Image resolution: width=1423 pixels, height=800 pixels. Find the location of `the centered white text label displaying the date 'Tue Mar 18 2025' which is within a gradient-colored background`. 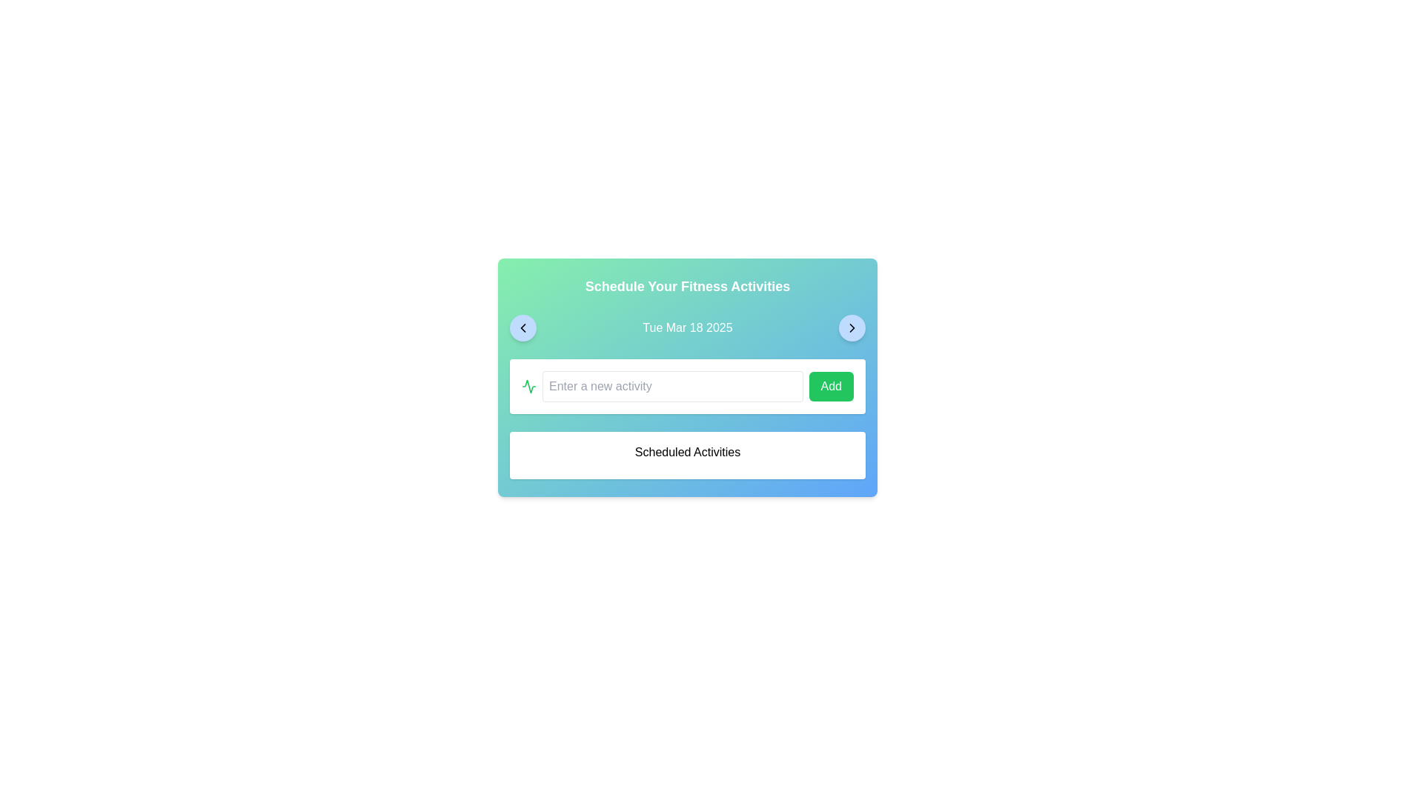

the centered white text label displaying the date 'Tue Mar 18 2025' which is within a gradient-colored background is located at coordinates (686, 327).